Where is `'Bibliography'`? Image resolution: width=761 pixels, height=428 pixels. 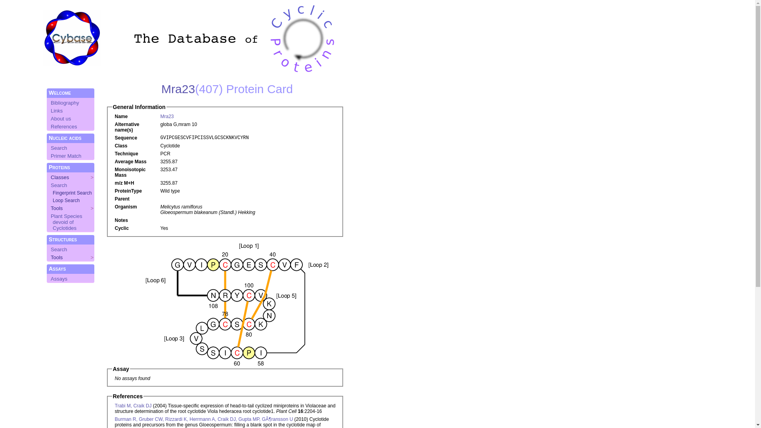
'Bibliography' is located at coordinates (65, 102).